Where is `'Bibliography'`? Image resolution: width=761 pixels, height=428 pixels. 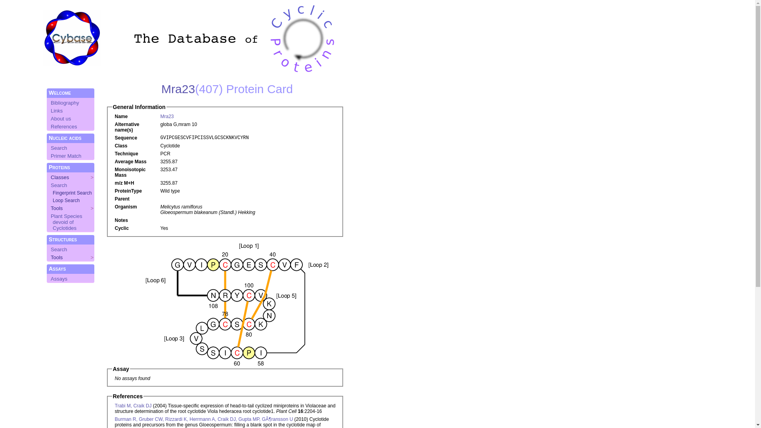
'Bibliography' is located at coordinates (65, 102).